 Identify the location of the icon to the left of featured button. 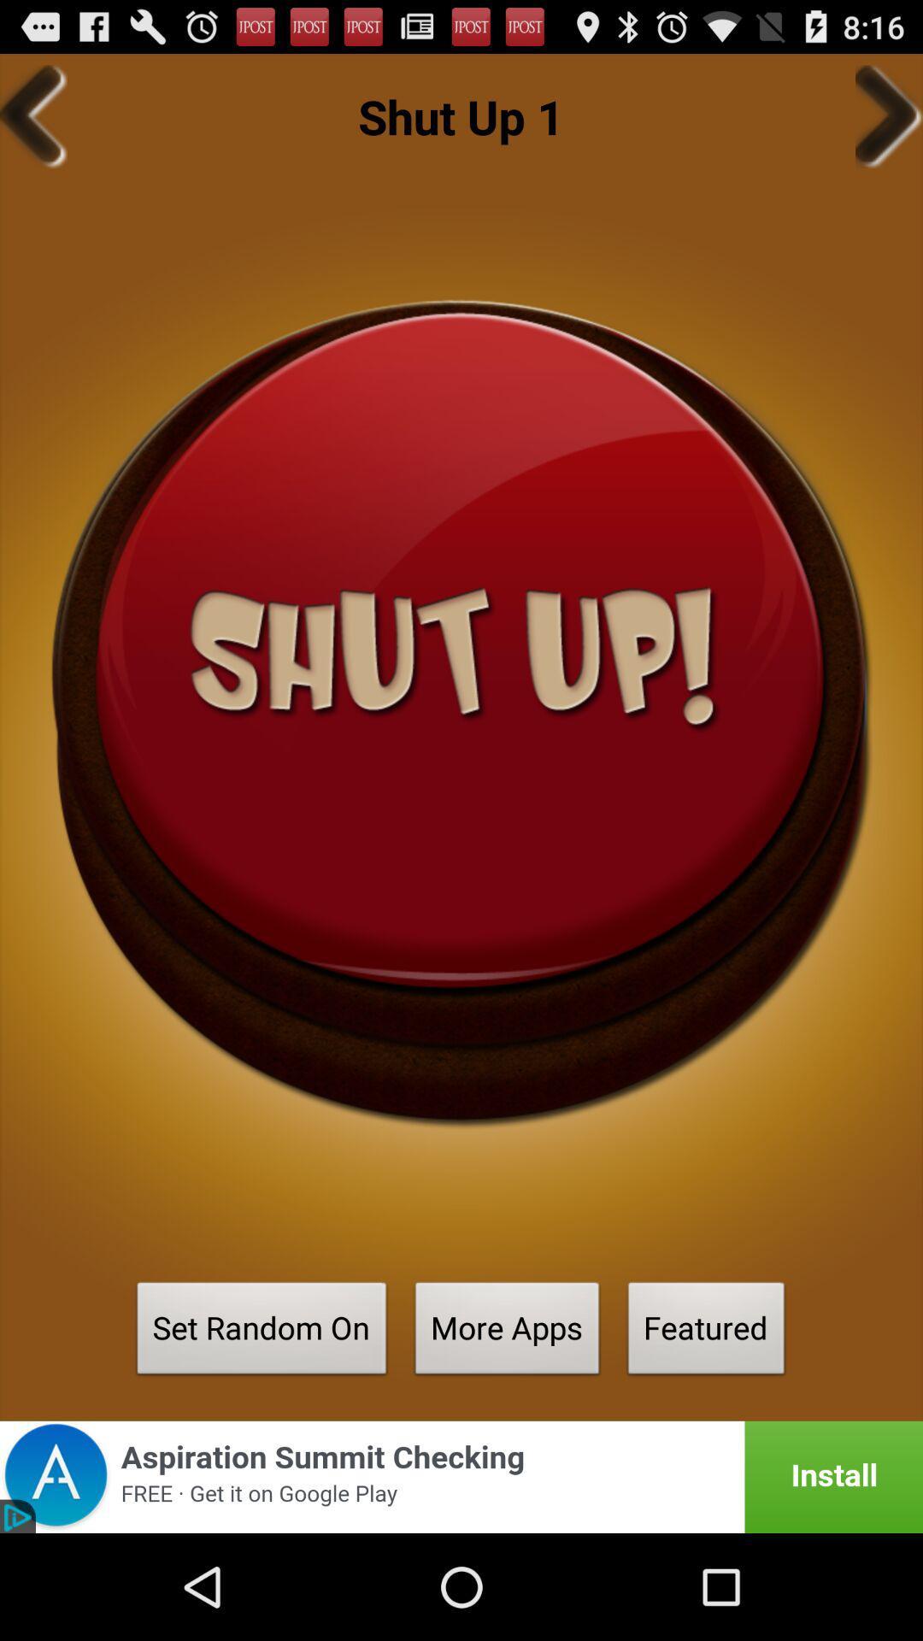
(507, 1332).